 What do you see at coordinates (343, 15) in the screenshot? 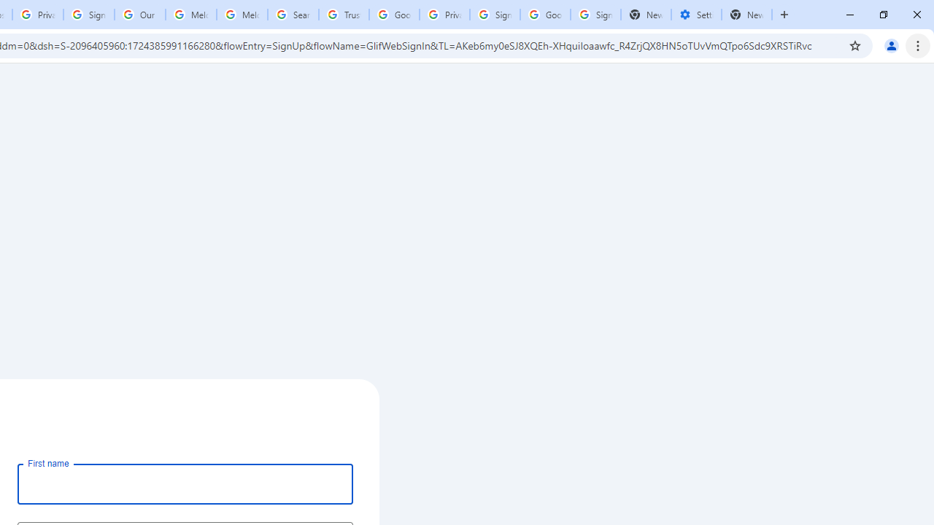
I see `'Trusted Information and Content - Google Safety Center'` at bounding box center [343, 15].